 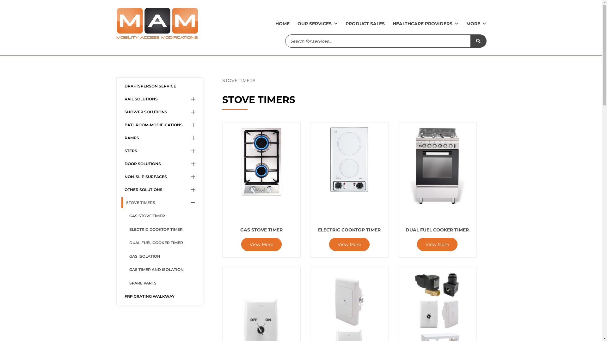 What do you see at coordinates (154, 189) in the screenshot?
I see `'OTHER SOLUTIONS'` at bounding box center [154, 189].